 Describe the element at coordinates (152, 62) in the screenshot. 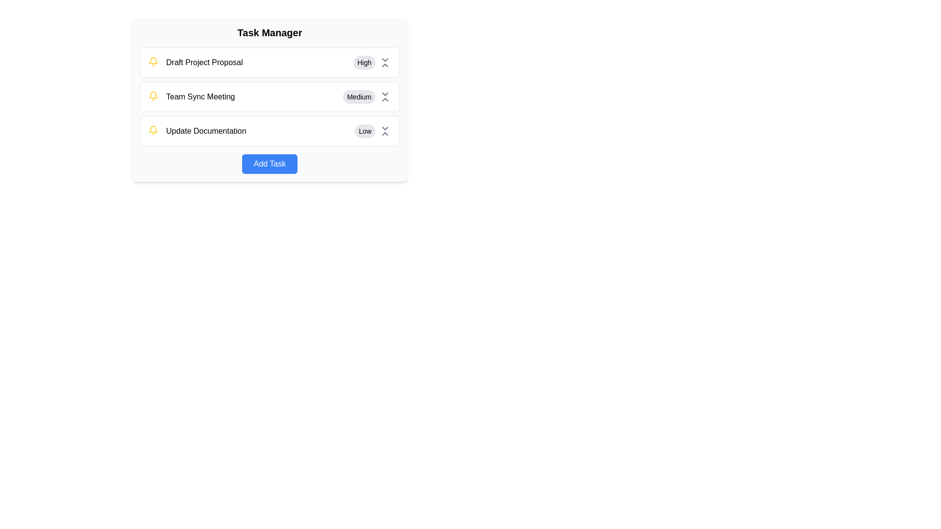

I see `small yellow bell icon, which is a notification or status indicator located to the left of the text 'Draft Project Proposal'` at that location.